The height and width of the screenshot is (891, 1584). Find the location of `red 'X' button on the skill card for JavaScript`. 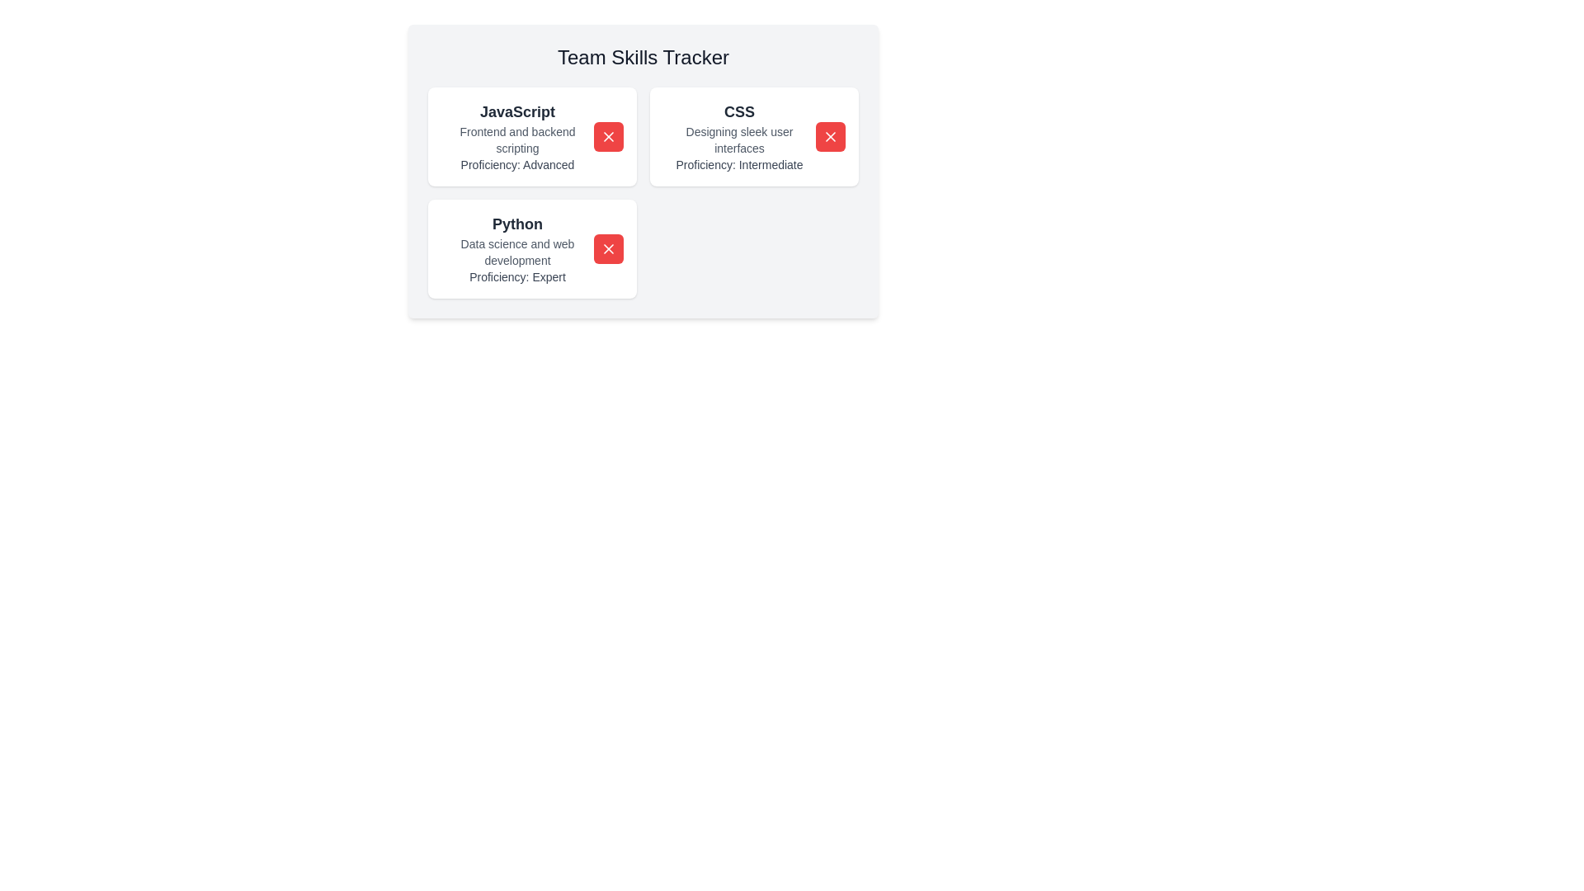

red 'X' button on the skill card for JavaScript is located at coordinates (608, 135).